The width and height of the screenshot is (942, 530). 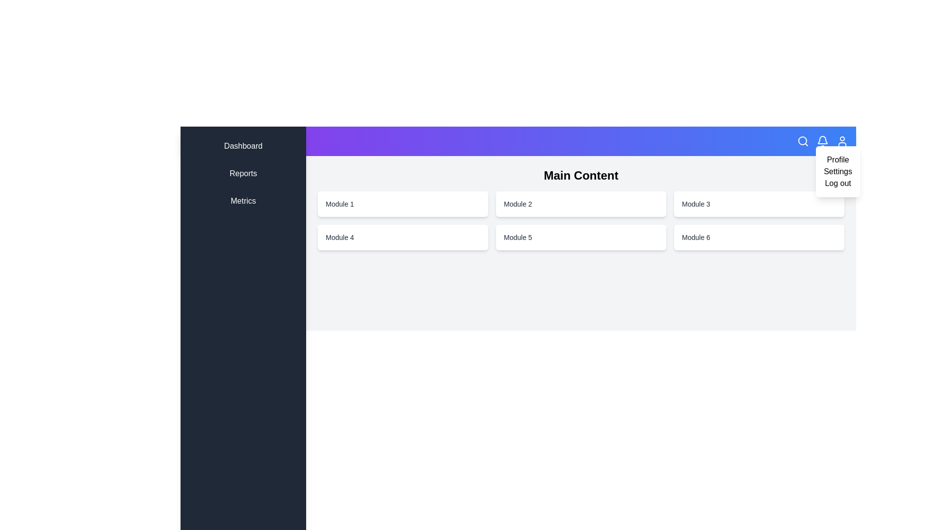 I want to click on the navigation button for 'Metrics' located in the left vertical navigation bar, so click(x=243, y=200).